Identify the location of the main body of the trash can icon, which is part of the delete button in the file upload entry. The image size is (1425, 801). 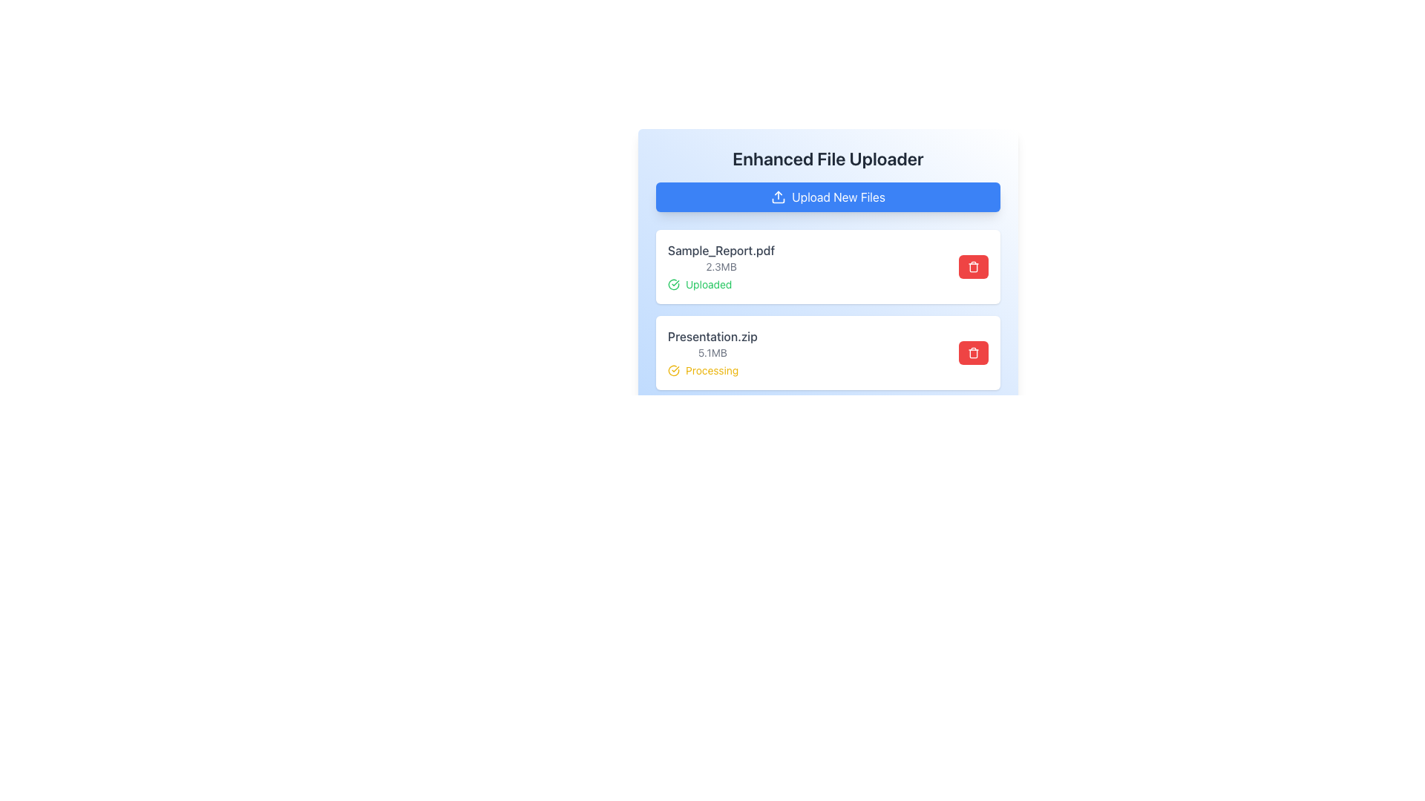
(973, 354).